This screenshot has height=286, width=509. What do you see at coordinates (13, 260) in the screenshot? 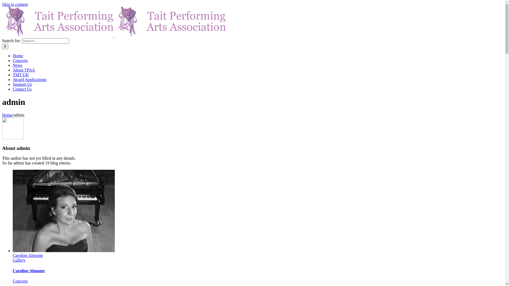
I see `'Gallery'` at bounding box center [13, 260].